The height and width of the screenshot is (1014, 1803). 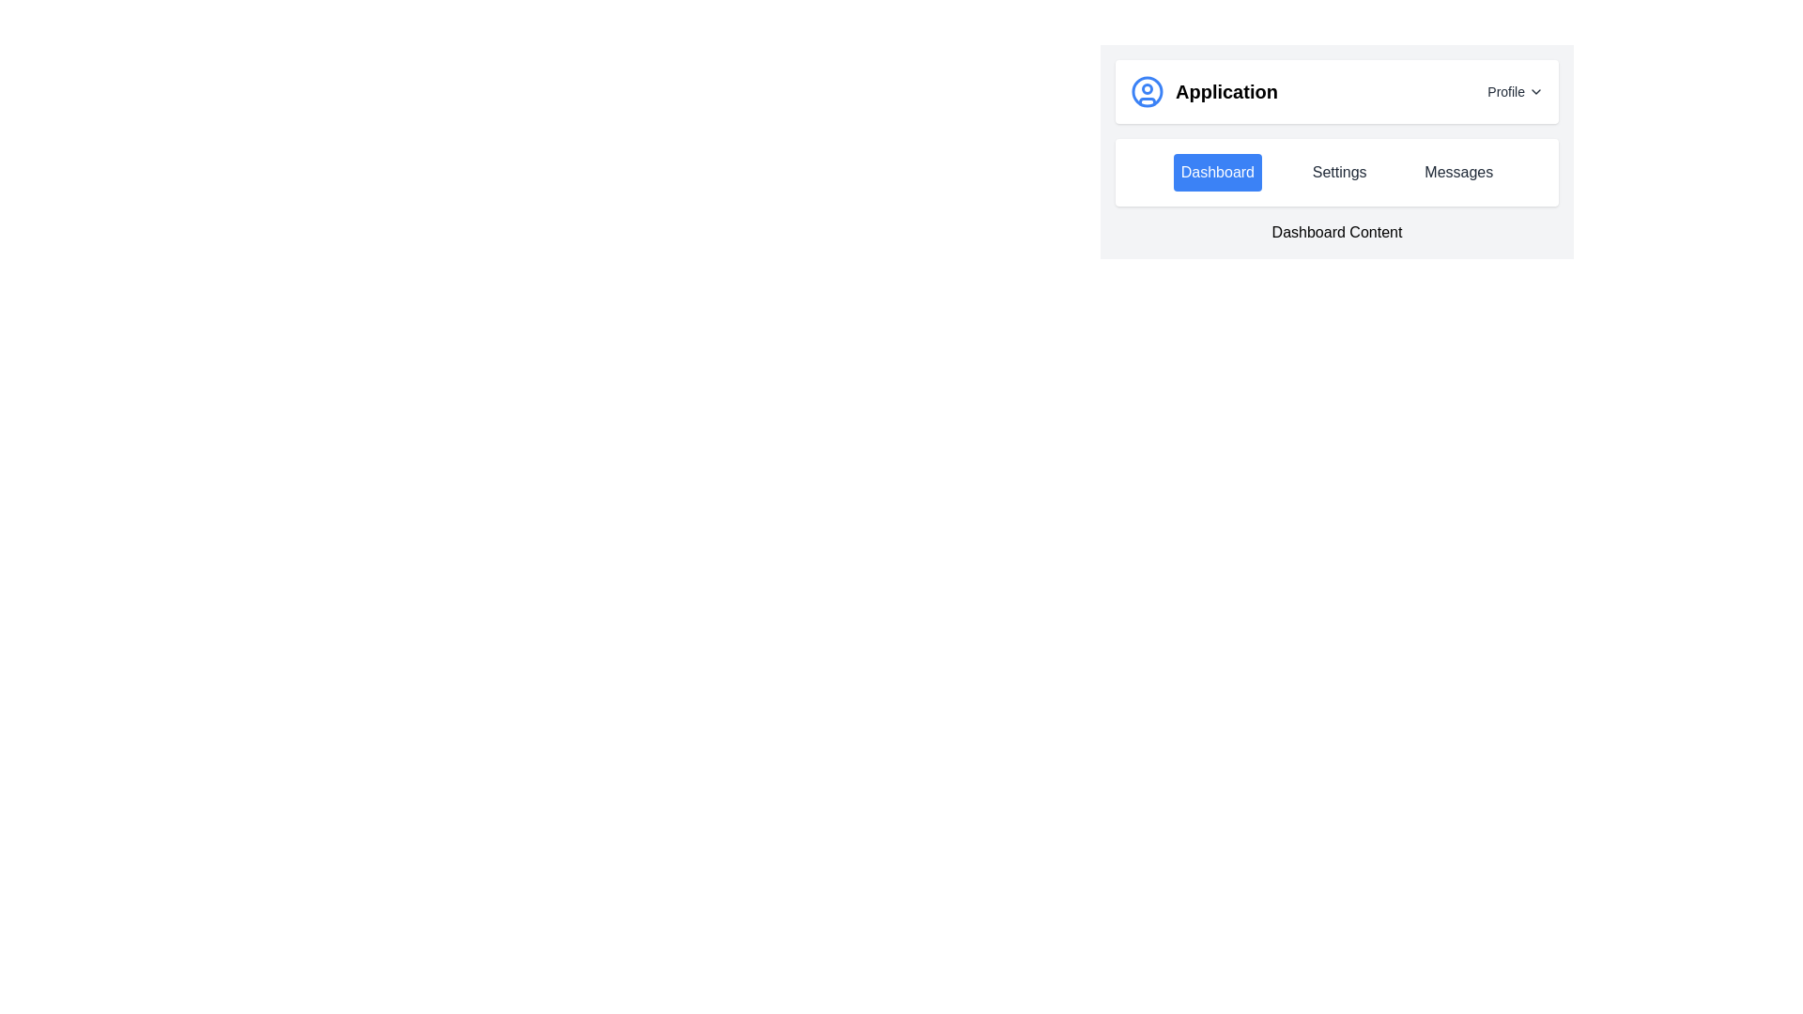 What do you see at coordinates (1516, 91) in the screenshot?
I see `the dropdown button in the top-right corner of the header section` at bounding box center [1516, 91].